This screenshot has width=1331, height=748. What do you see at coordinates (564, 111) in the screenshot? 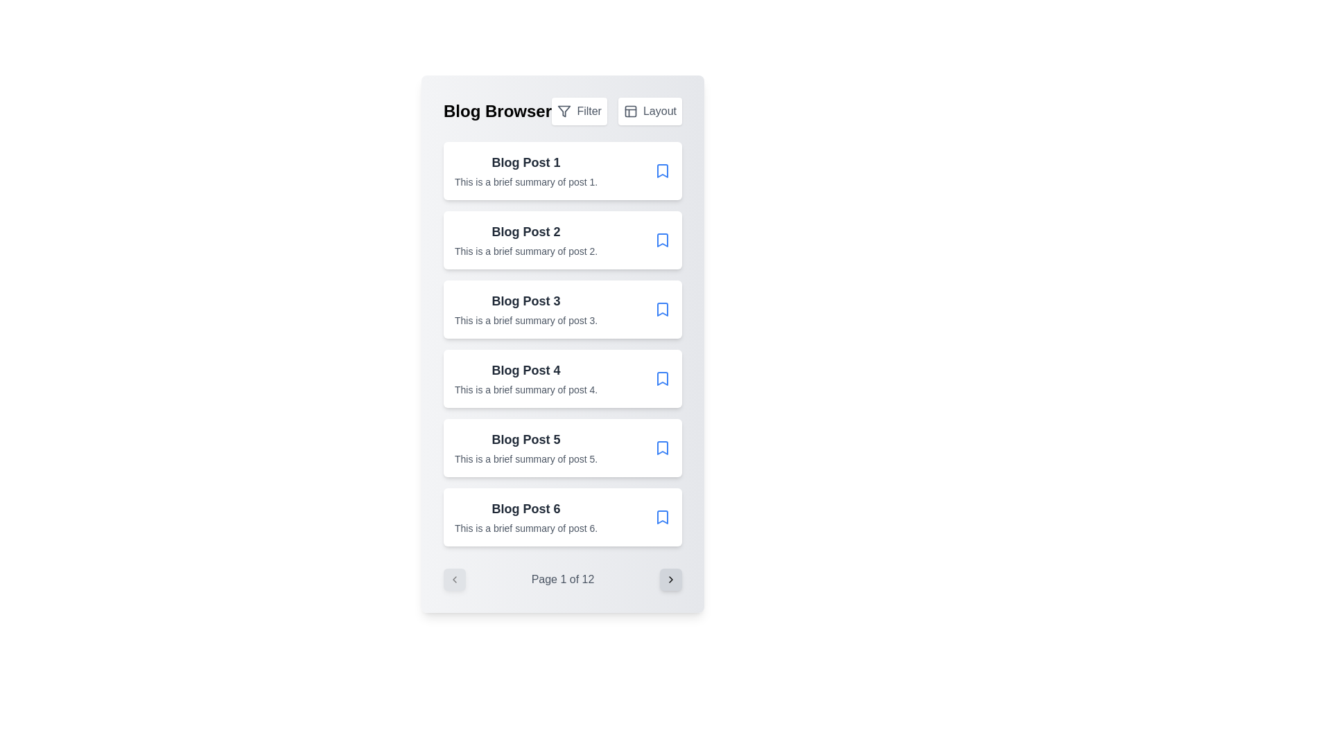
I see `the funnel icon located in the top interface bar` at bounding box center [564, 111].